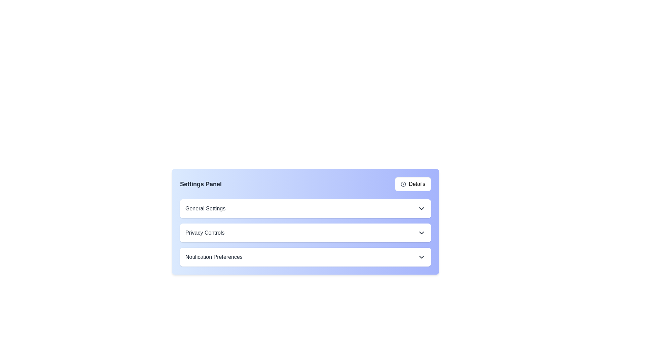 This screenshot has height=363, width=646. Describe the element at coordinates (421, 233) in the screenshot. I see `the Chevron Icon located in the top-right corner of the 'Privacy Controls' section` at that location.